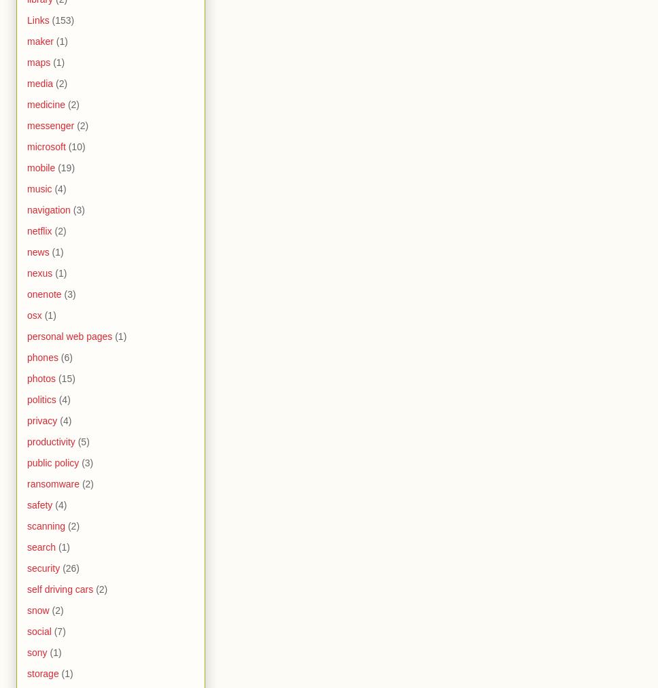  I want to click on 'storage', so click(27, 673).